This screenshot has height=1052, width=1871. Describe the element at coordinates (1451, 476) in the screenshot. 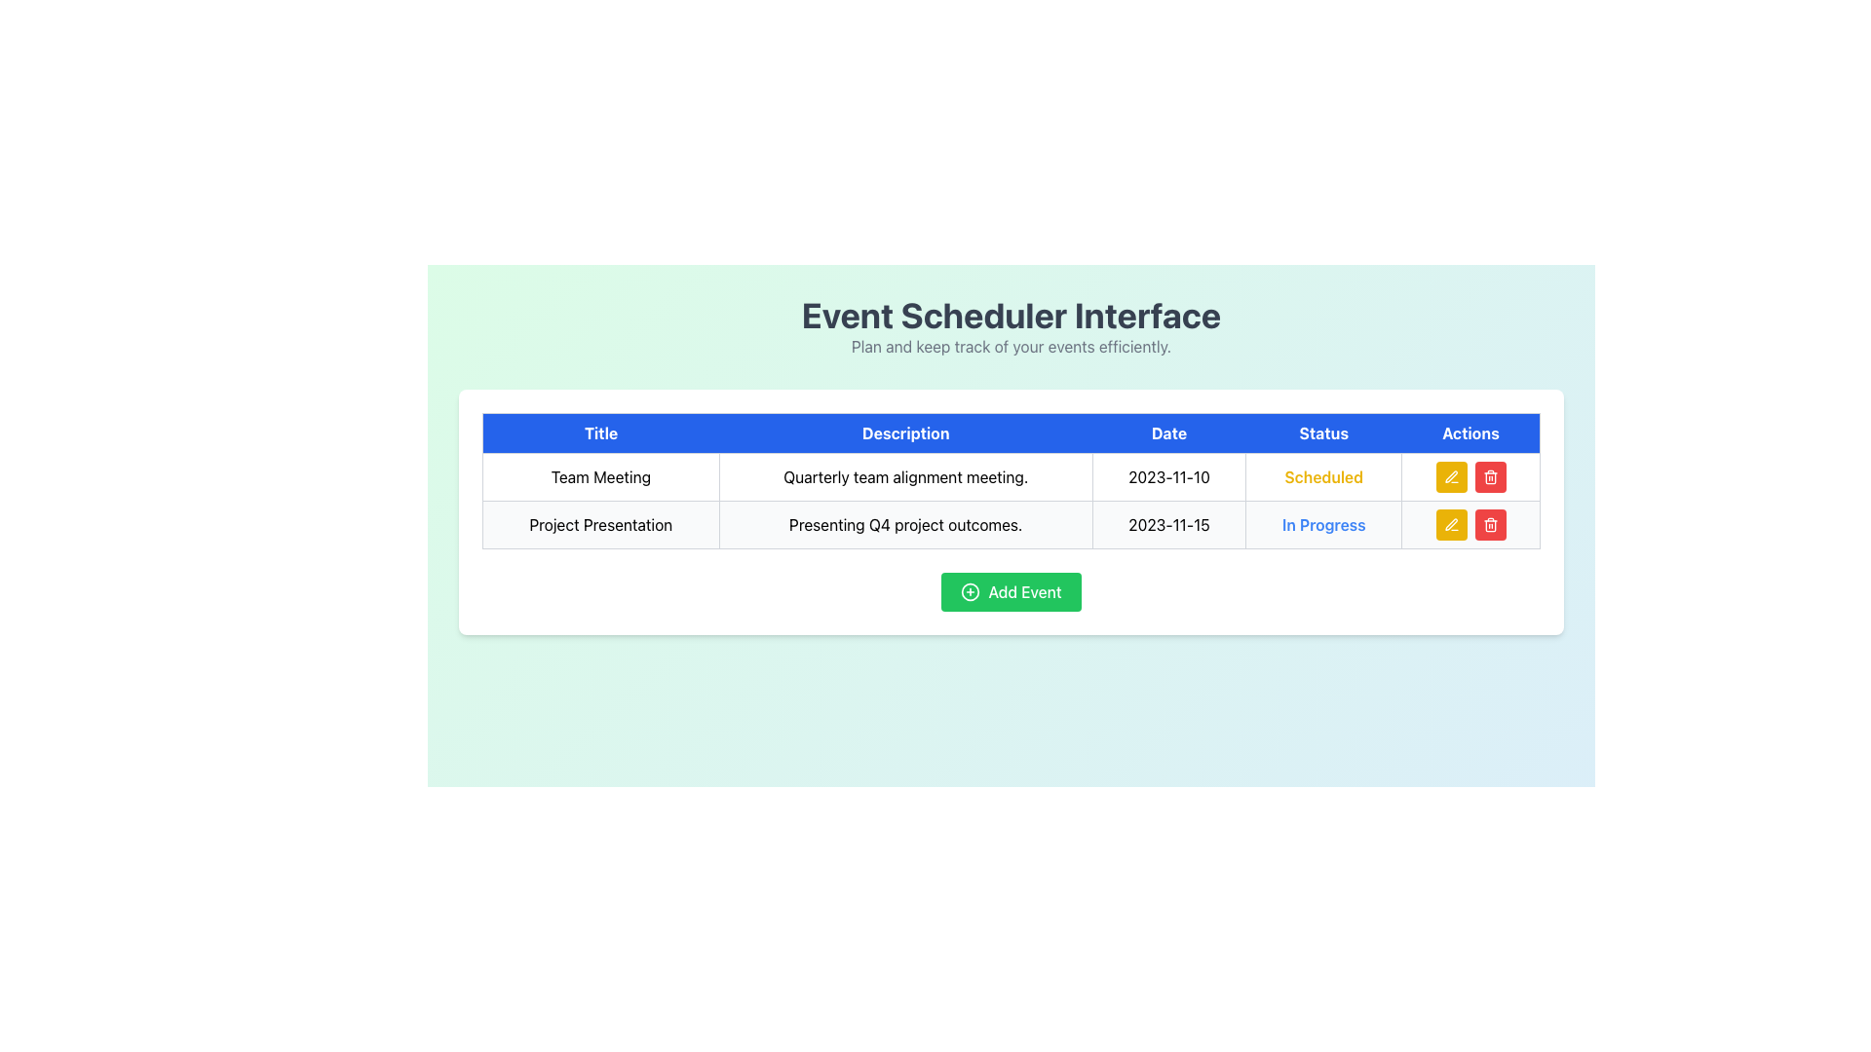

I see `the vibrant yellow edit button with rounded corners located in the 'Actions' column next to the 'Scheduled' status` at that location.